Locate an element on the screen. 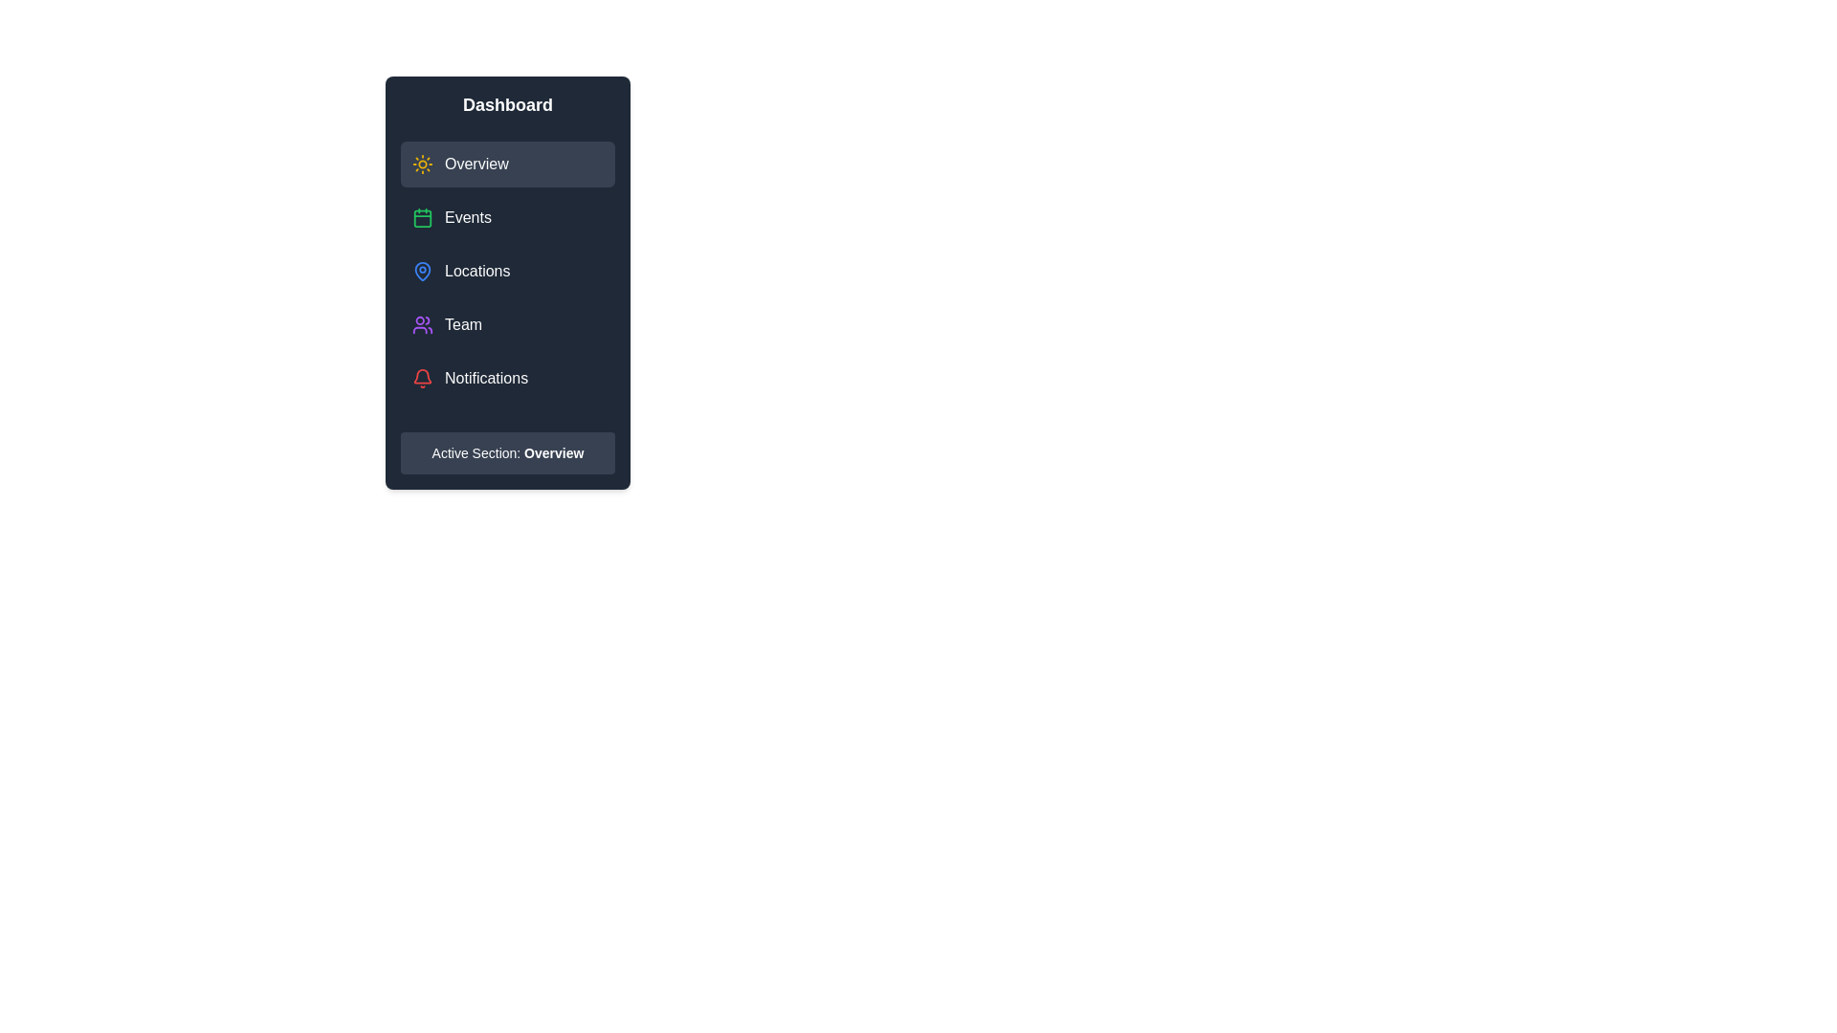 This screenshot has width=1837, height=1033. the menu item labeled Overview to observe visual feedback is located at coordinates (508, 164).